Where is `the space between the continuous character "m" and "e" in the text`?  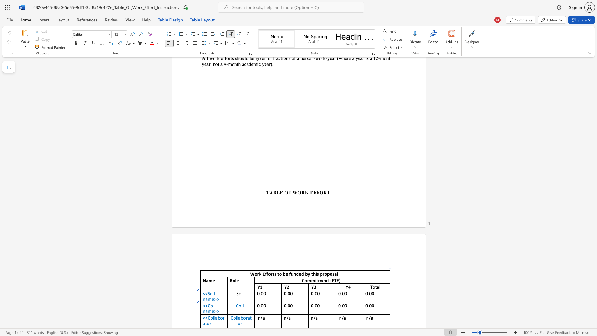
the space between the continuous character "m" and "e" in the text is located at coordinates (211, 311).